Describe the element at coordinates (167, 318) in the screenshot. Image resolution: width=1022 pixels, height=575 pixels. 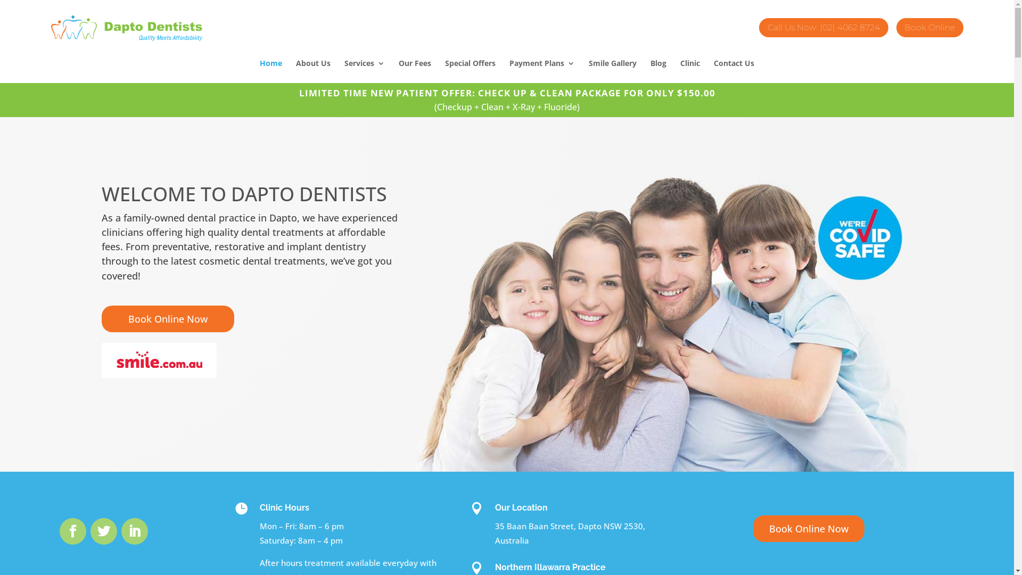
I see `'Book Online Now'` at that location.